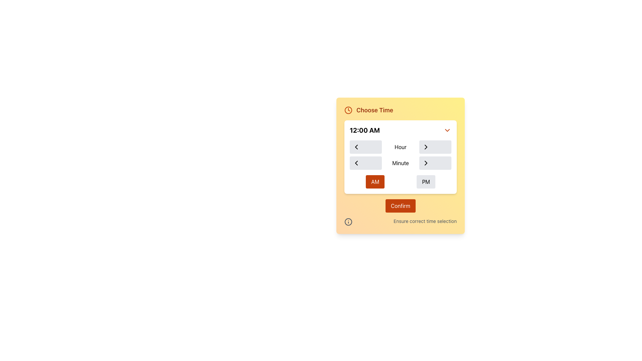 Image resolution: width=642 pixels, height=361 pixels. What do you see at coordinates (374, 110) in the screenshot?
I see `the 'Choose Time' text label, which is styled in bold serif font and orange color, located next to a clock icon on a light yellow background` at bounding box center [374, 110].